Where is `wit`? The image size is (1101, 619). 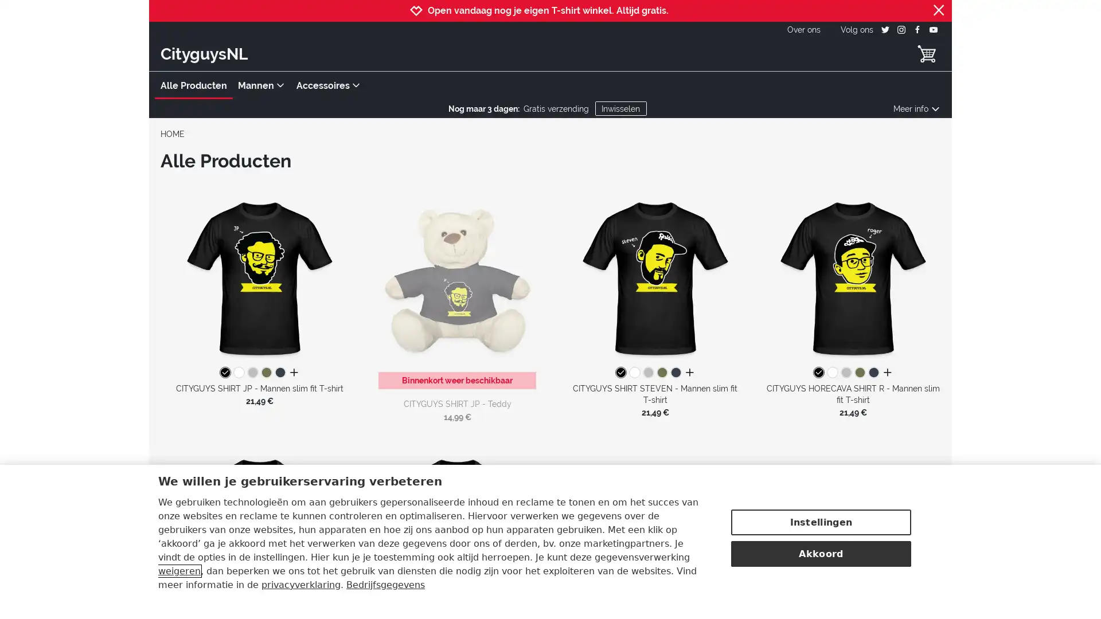 wit is located at coordinates (831, 373).